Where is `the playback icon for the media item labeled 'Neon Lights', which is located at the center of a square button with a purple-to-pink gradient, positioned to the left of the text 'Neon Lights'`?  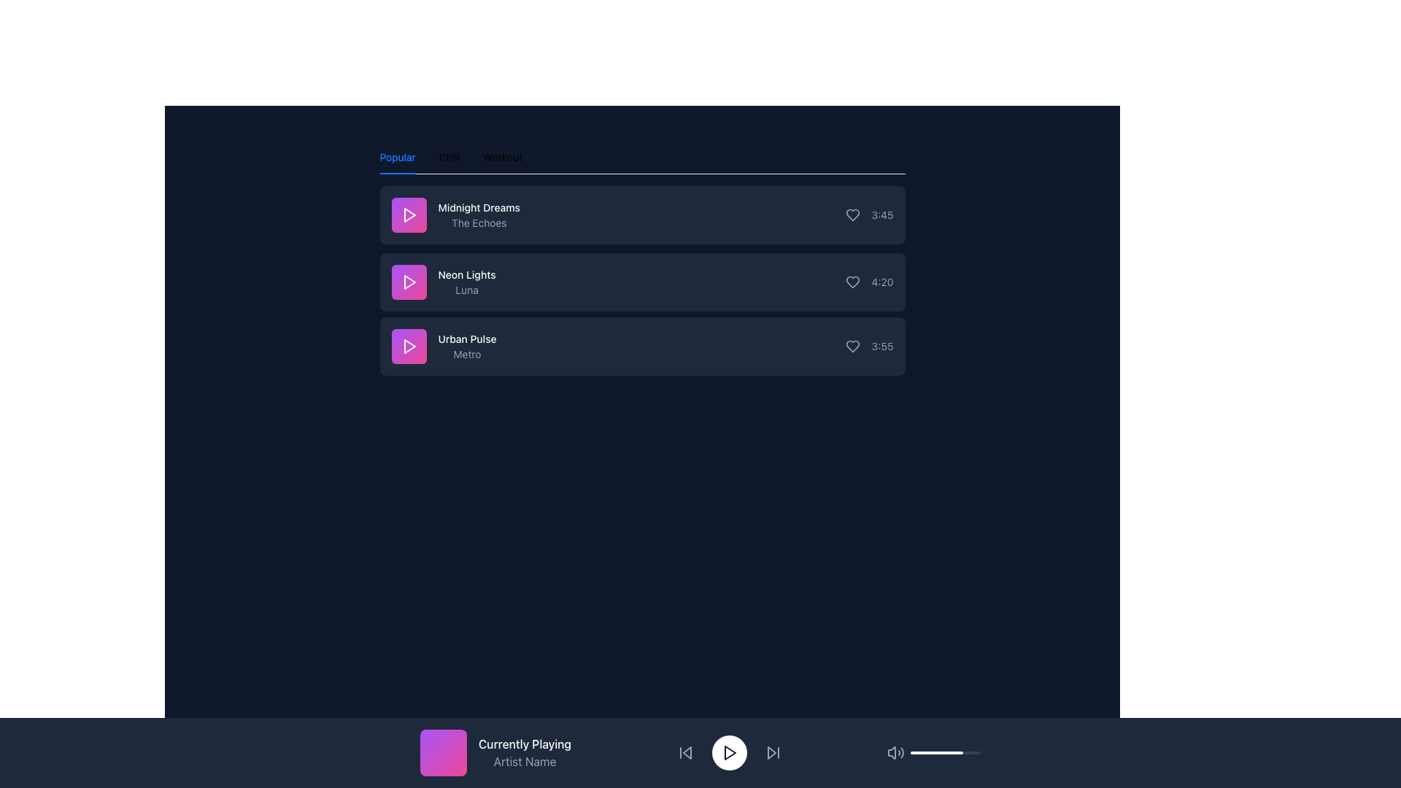 the playback icon for the media item labeled 'Neon Lights', which is located at the center of a square button with a purple-to-pink gradient, positioned to the left of the text 'Neon Lights' is located at coordinates (409, 282).